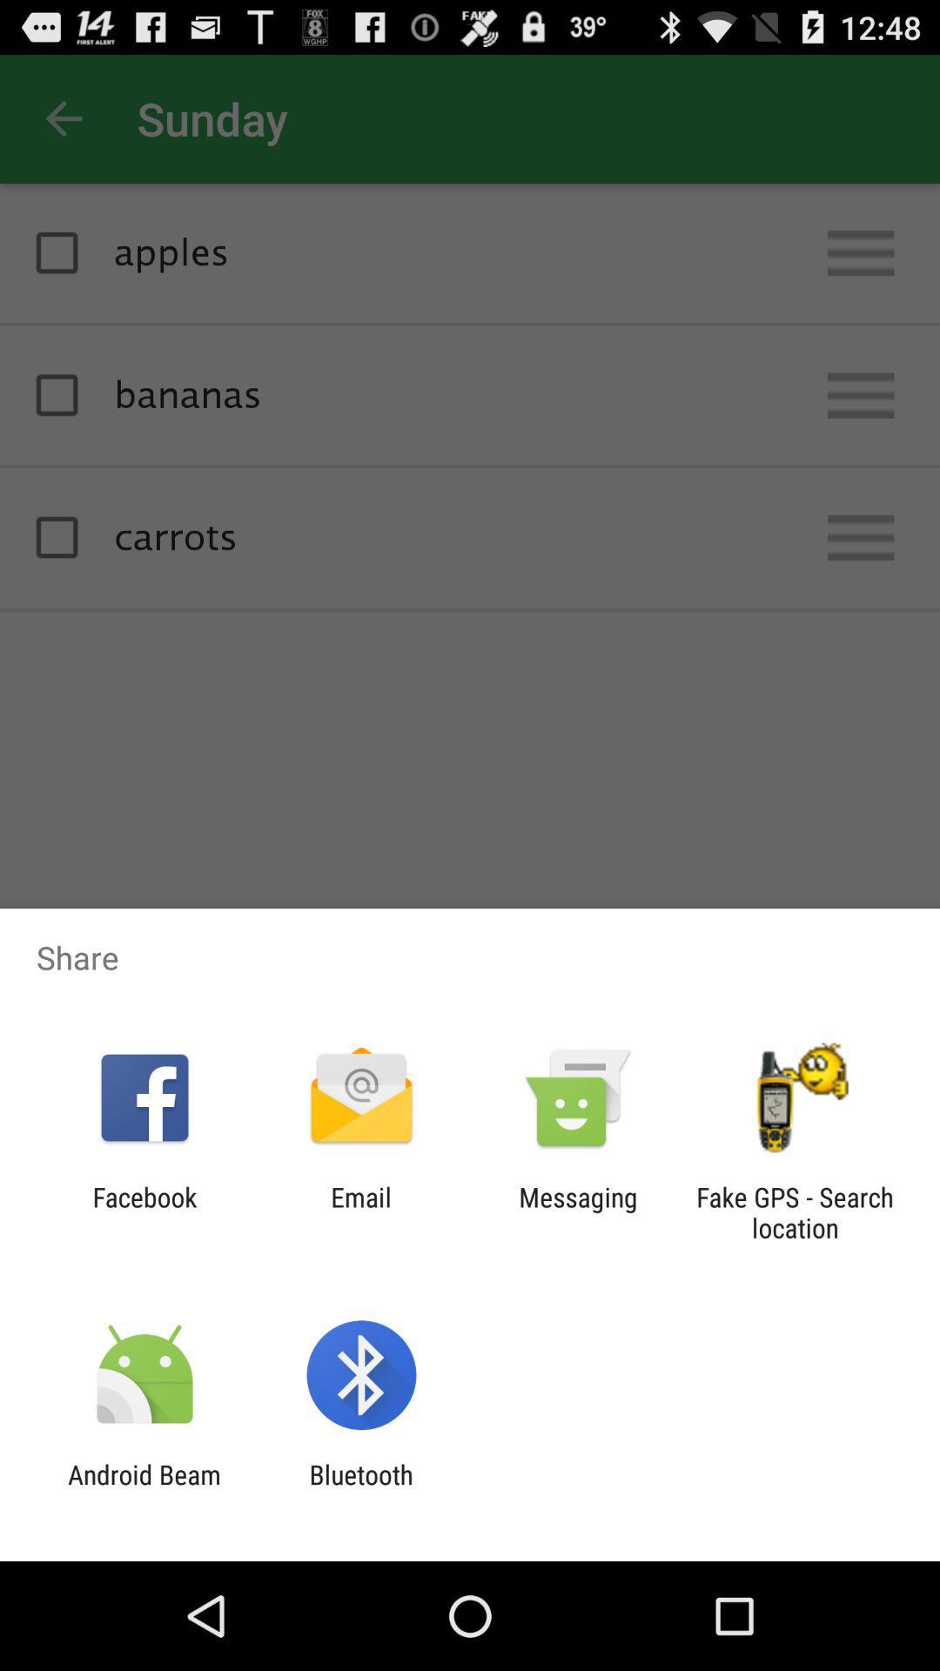 Image resolution: width=940 pixels, height=1671 pixels. What do you see at coordinates (578, 1211) in the screenshot?
I see `the messaging` at bounding box center [578, 1211].